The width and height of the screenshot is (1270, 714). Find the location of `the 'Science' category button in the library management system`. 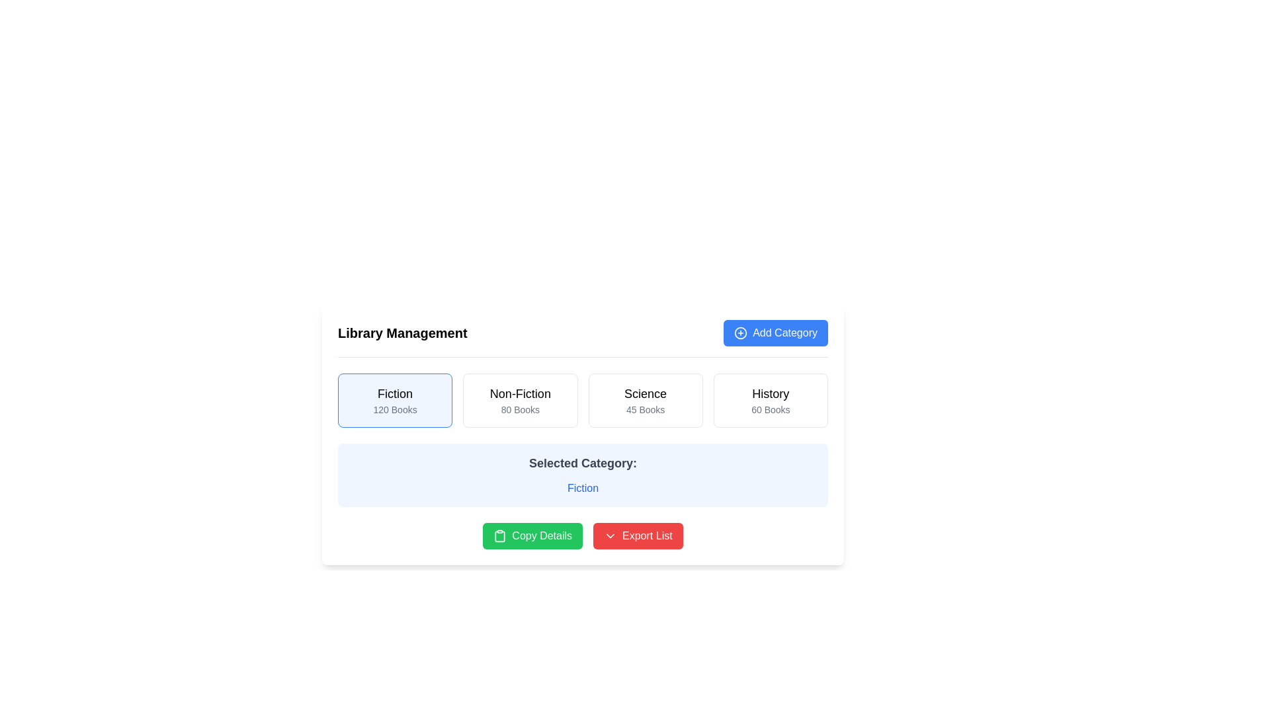

the 'Science' category button in the library management system is located at coordinates (646, 399).